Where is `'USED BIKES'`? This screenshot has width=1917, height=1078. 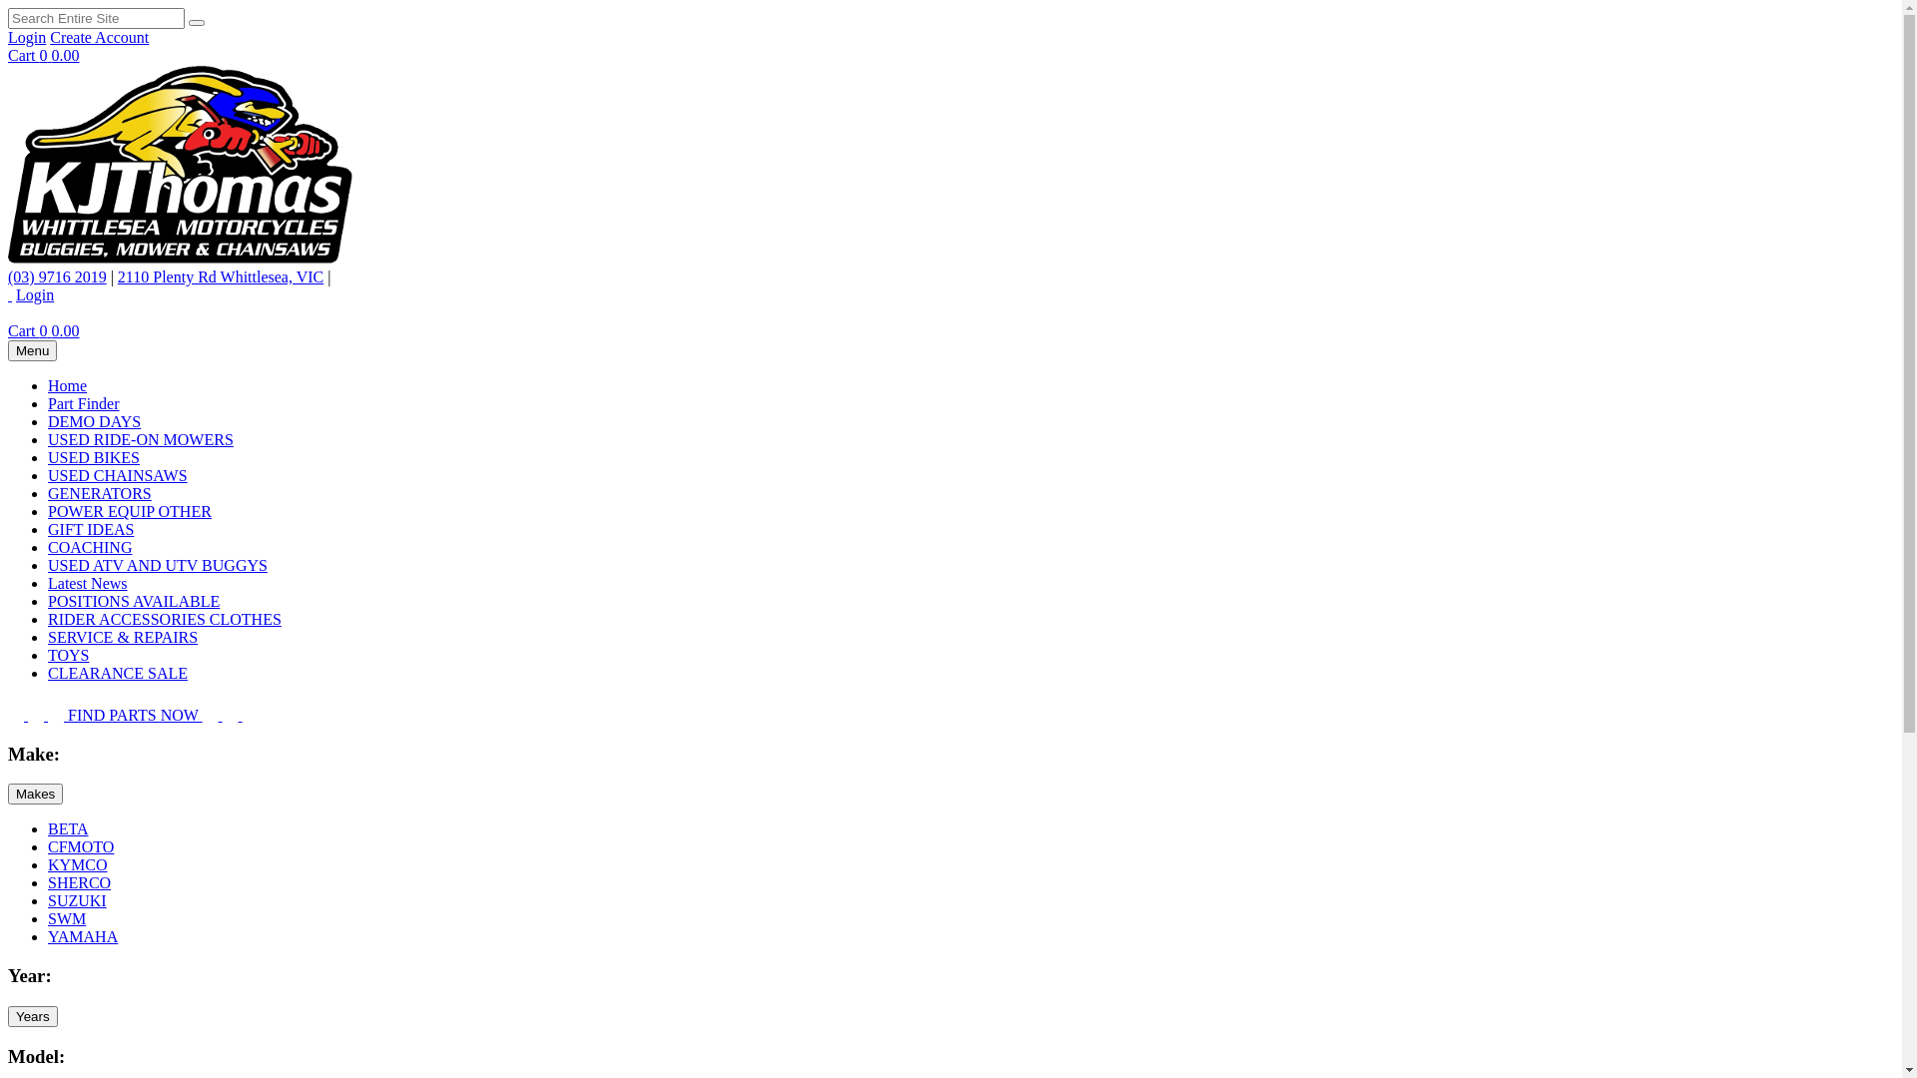
'USED BIKES' is located at coordinates (93, 457).